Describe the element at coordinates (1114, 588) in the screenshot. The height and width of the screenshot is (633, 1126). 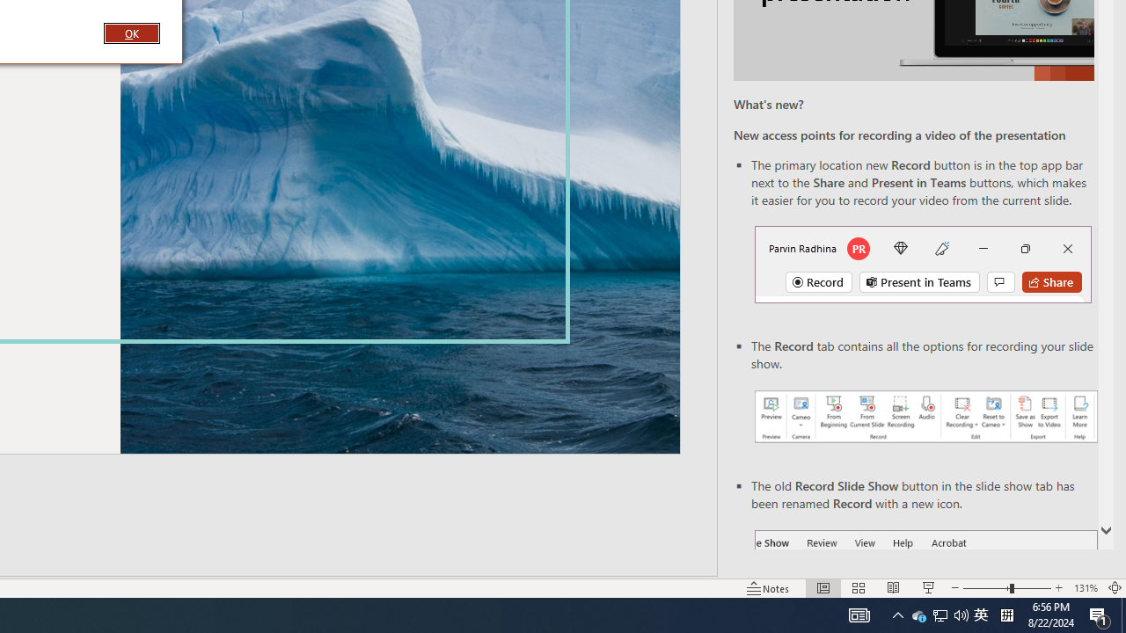
I see `'Zoom to Fit '` at that location.